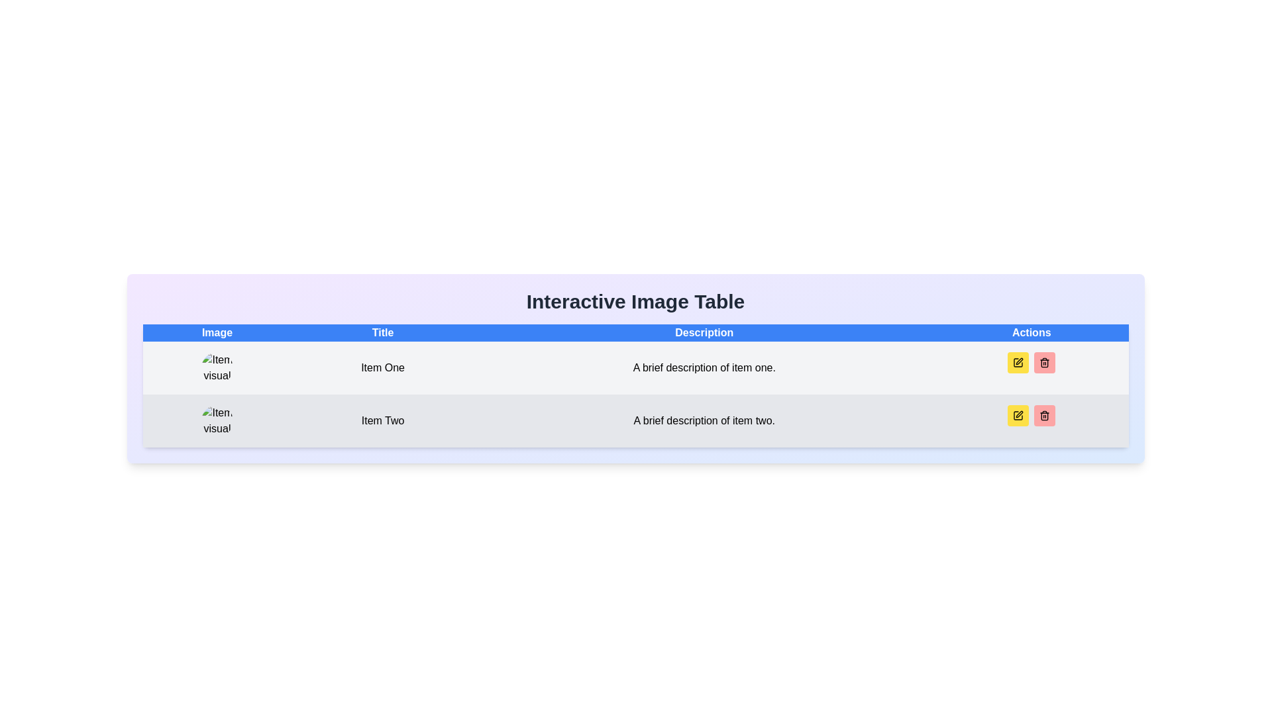  What do you see at coordinates (1018, 415) in the screenshot?
I see `the 'Edit' icon button located in the 'Actions' column next to the entry titled 'Item Two'` at bounding box center [1018, 415].